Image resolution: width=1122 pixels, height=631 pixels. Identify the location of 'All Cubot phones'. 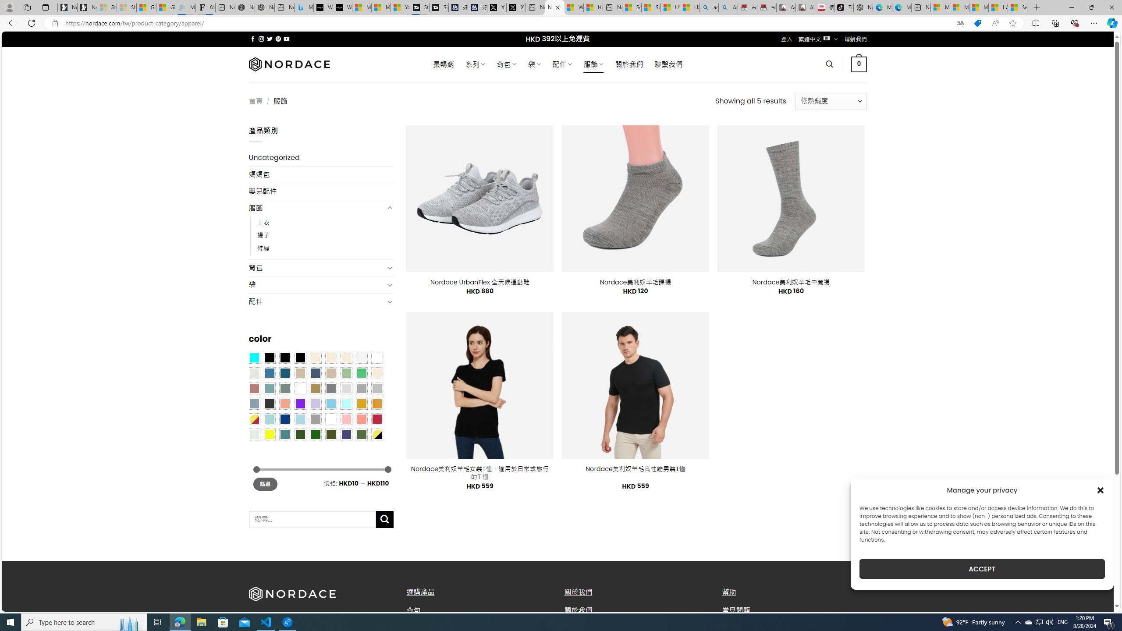
(806, 7).